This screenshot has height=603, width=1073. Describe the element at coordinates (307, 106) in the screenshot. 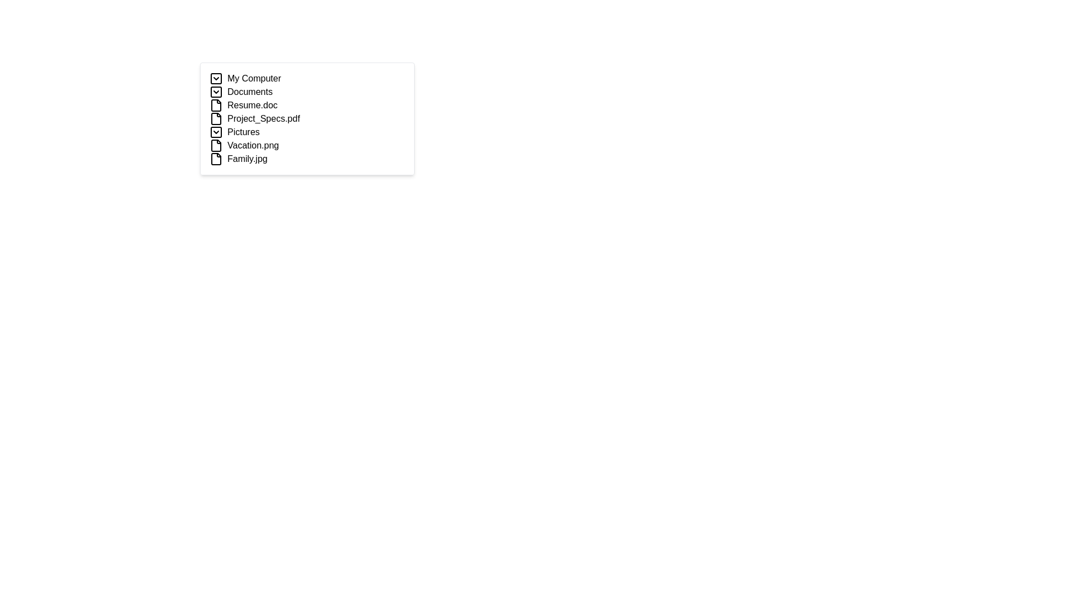

I see `the selectable file item labeled 'Resume.doc' in the Documents section` at that location.